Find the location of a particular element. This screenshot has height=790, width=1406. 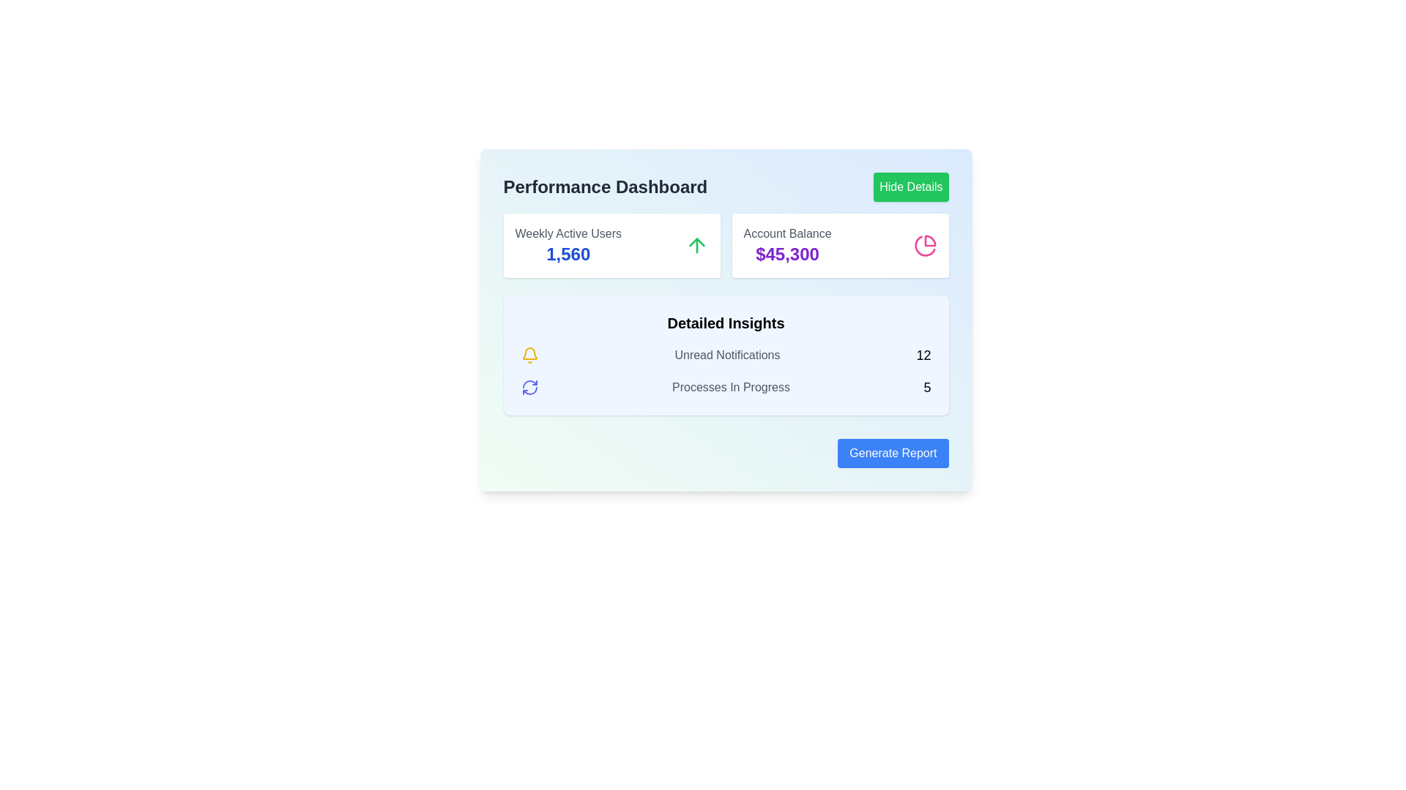

the chart representation icon located inside the 'Account Balance' block, positioned to its far right, to interact with chart-related functionalities is located at coordinates (924, 244).